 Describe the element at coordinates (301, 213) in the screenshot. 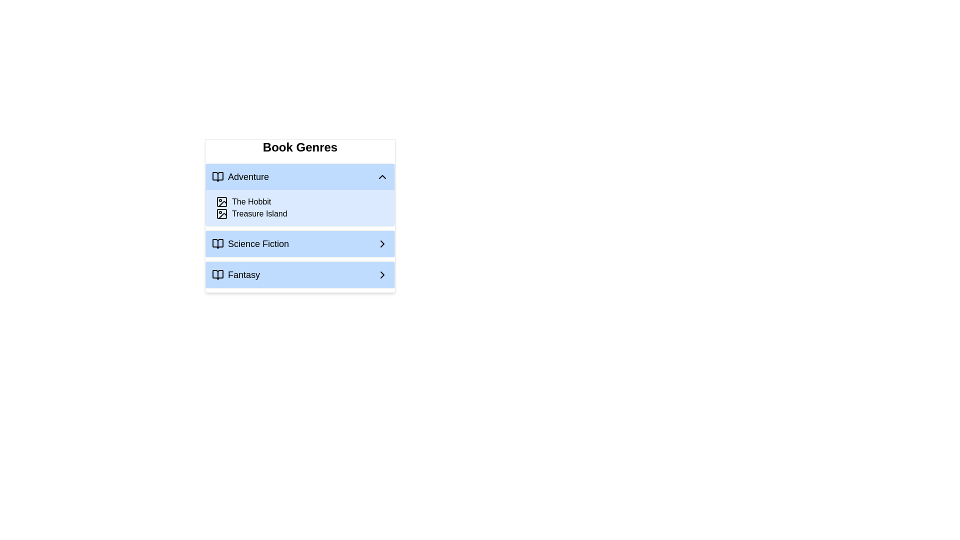

I see `the 'Treasure Island' list item, which is the second item under the 'Adventure' category in the 'Book Genres' list` at that location.